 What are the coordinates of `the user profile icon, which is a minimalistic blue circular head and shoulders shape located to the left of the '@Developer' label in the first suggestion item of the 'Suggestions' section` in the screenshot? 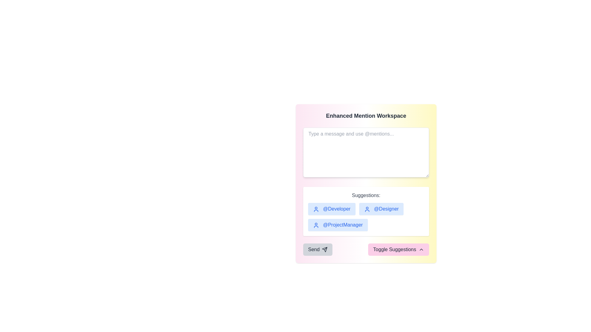 It's located at (316, 209).